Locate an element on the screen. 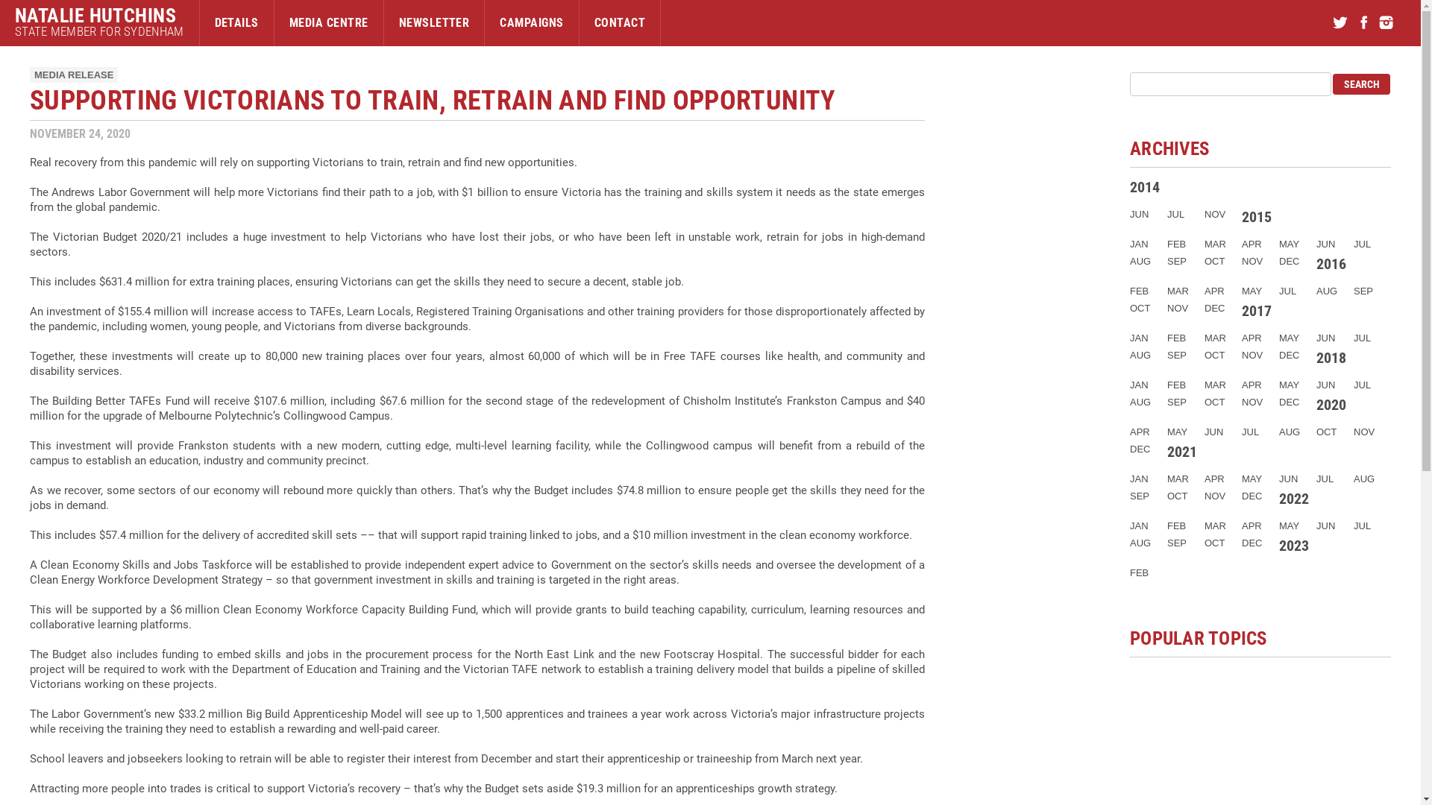  '2016' is located at coordinates (1316, 263).